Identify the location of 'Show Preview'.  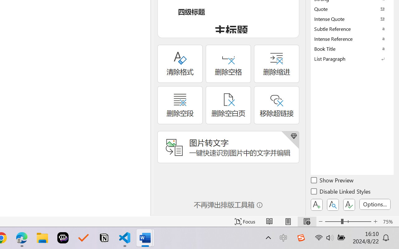
(332, 181).